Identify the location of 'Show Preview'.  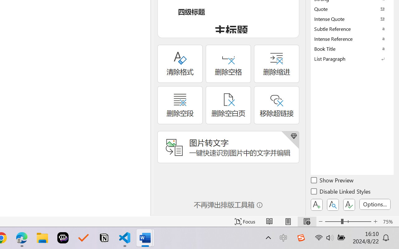
(332, 181).